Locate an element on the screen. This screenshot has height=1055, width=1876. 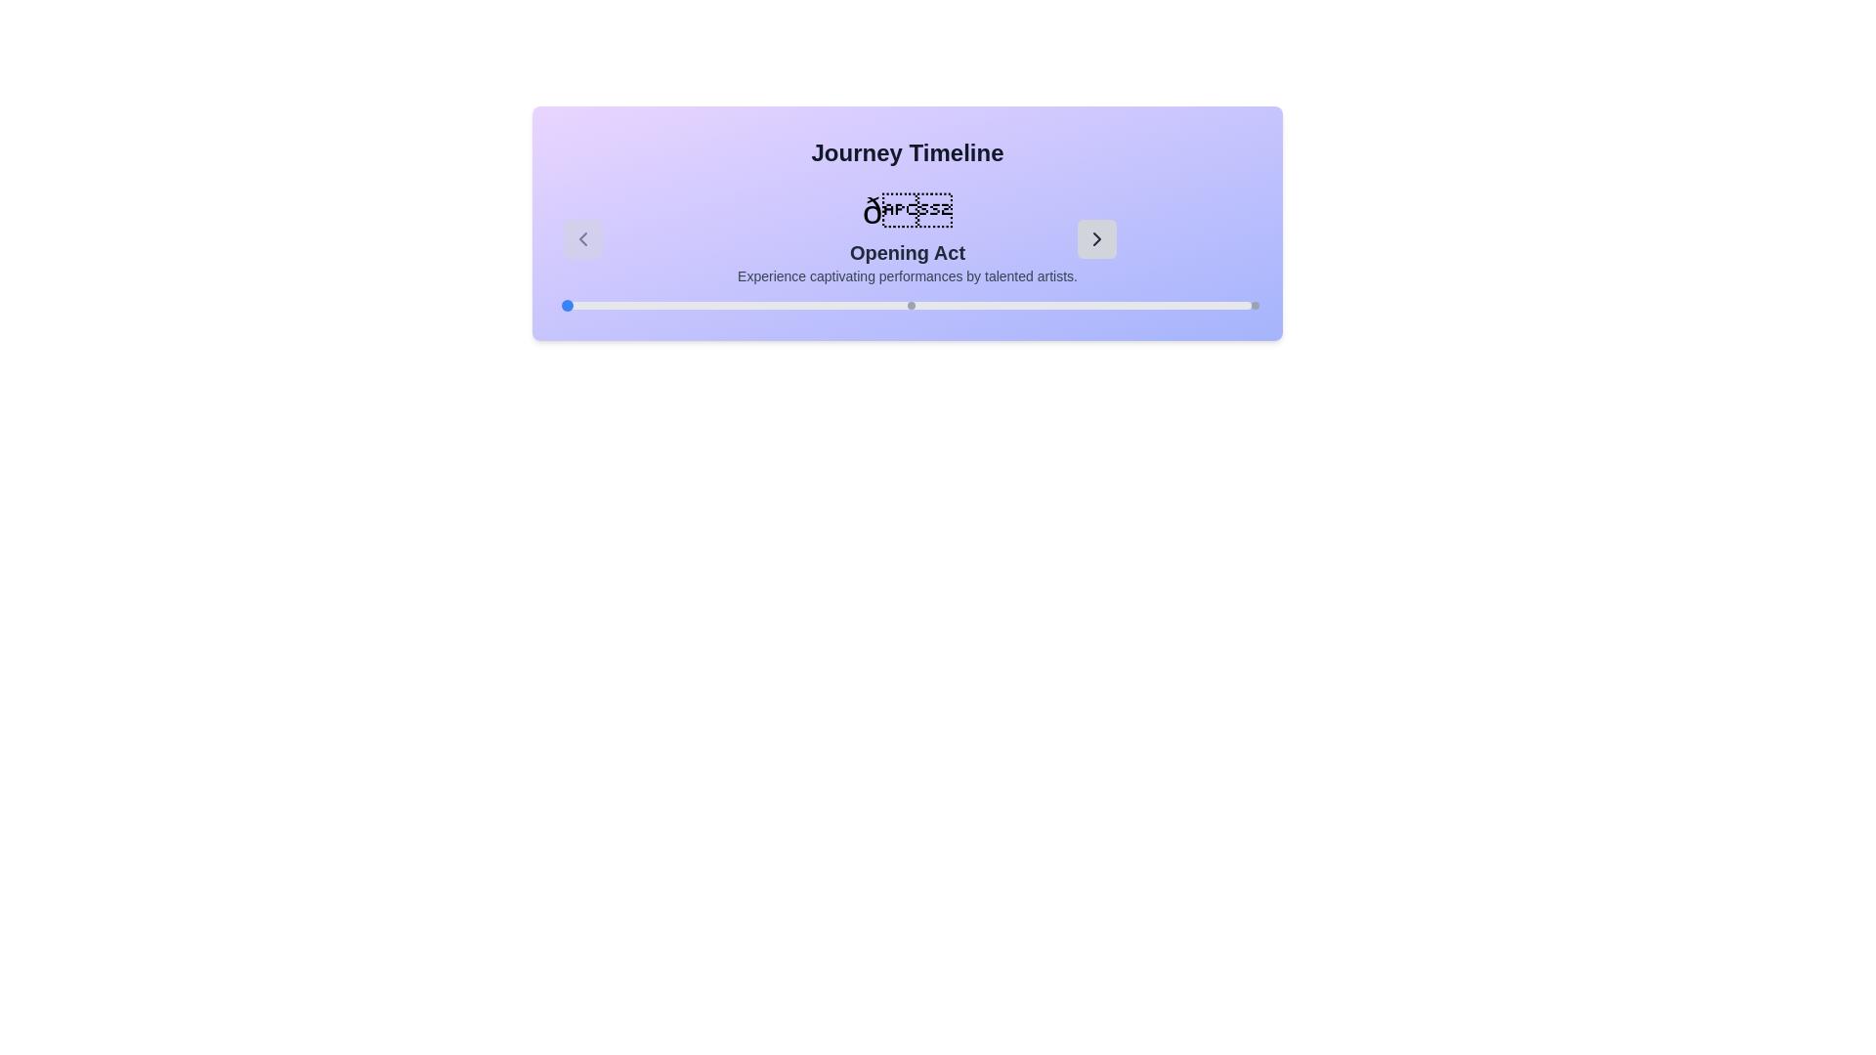
the navigation button icon (chevron) which is located on the right side of the panel to receive potential visual feedback is located at coordinates (1097, 238).